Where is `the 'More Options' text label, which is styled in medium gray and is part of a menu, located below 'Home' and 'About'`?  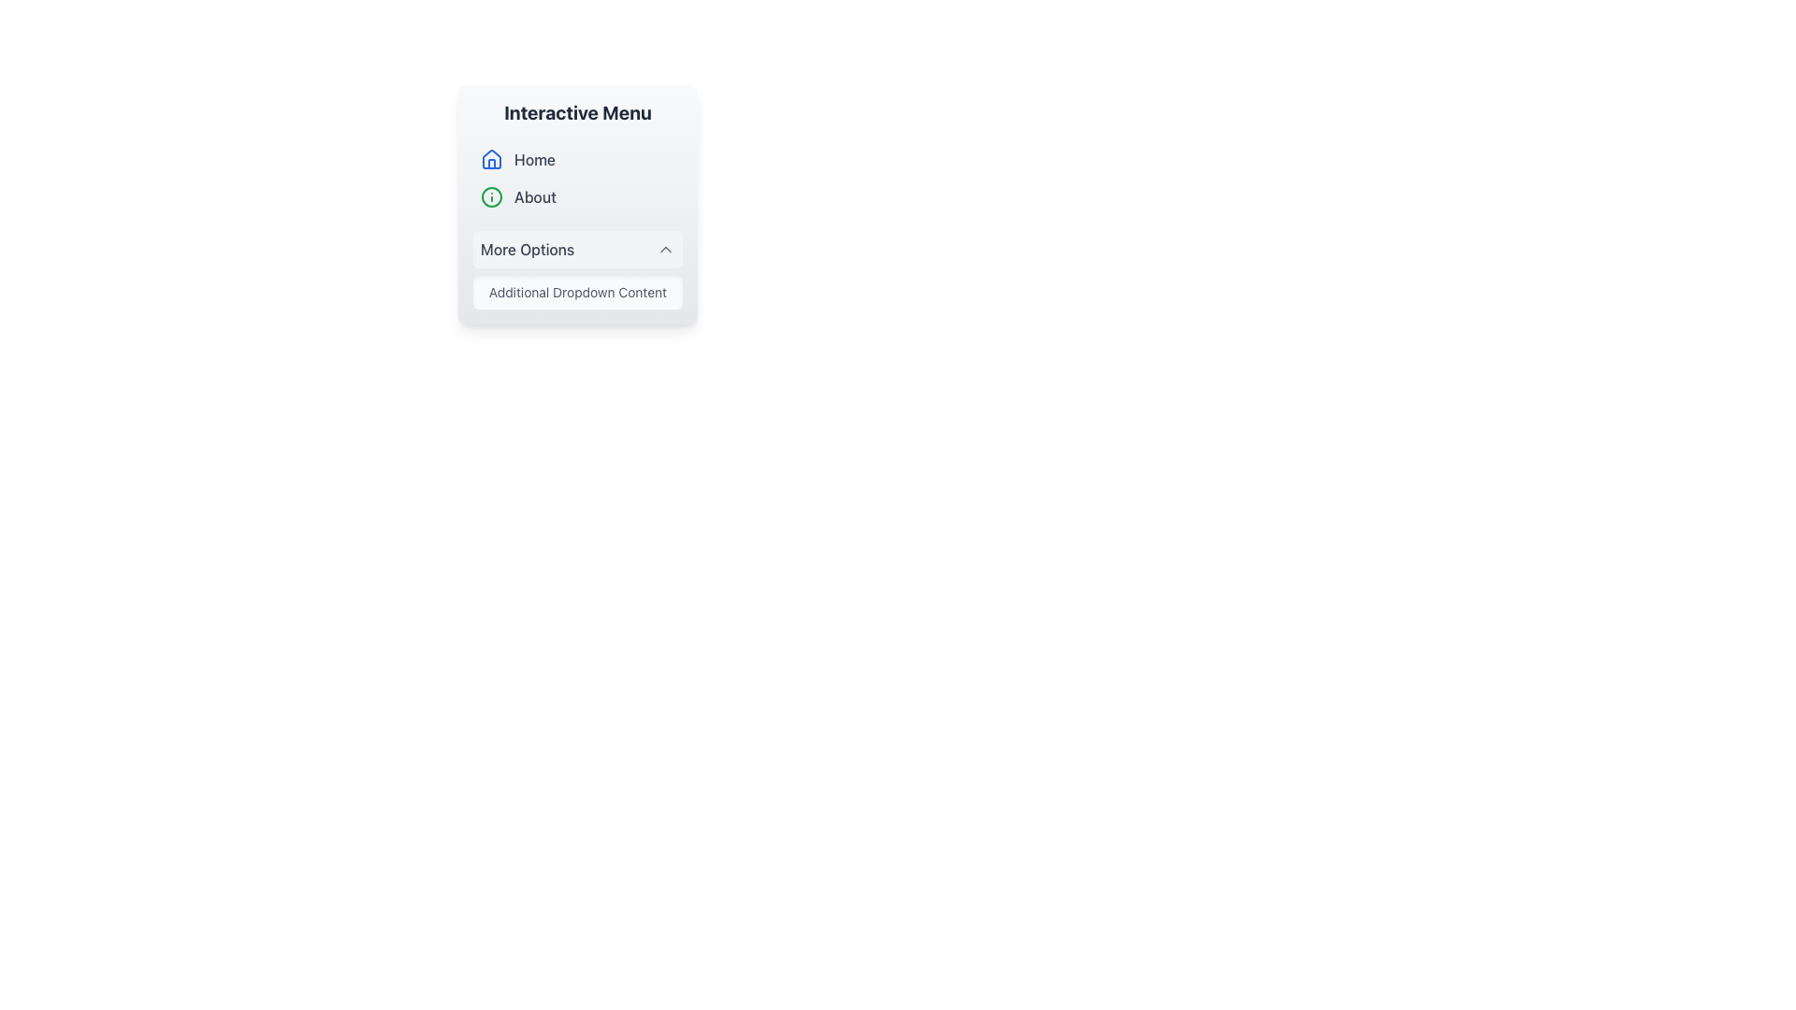
the 'More Options' text label, which is styled in medium gray and is part of a menu, located below 'Home' and 'About' is located at coordinates (527, 248).